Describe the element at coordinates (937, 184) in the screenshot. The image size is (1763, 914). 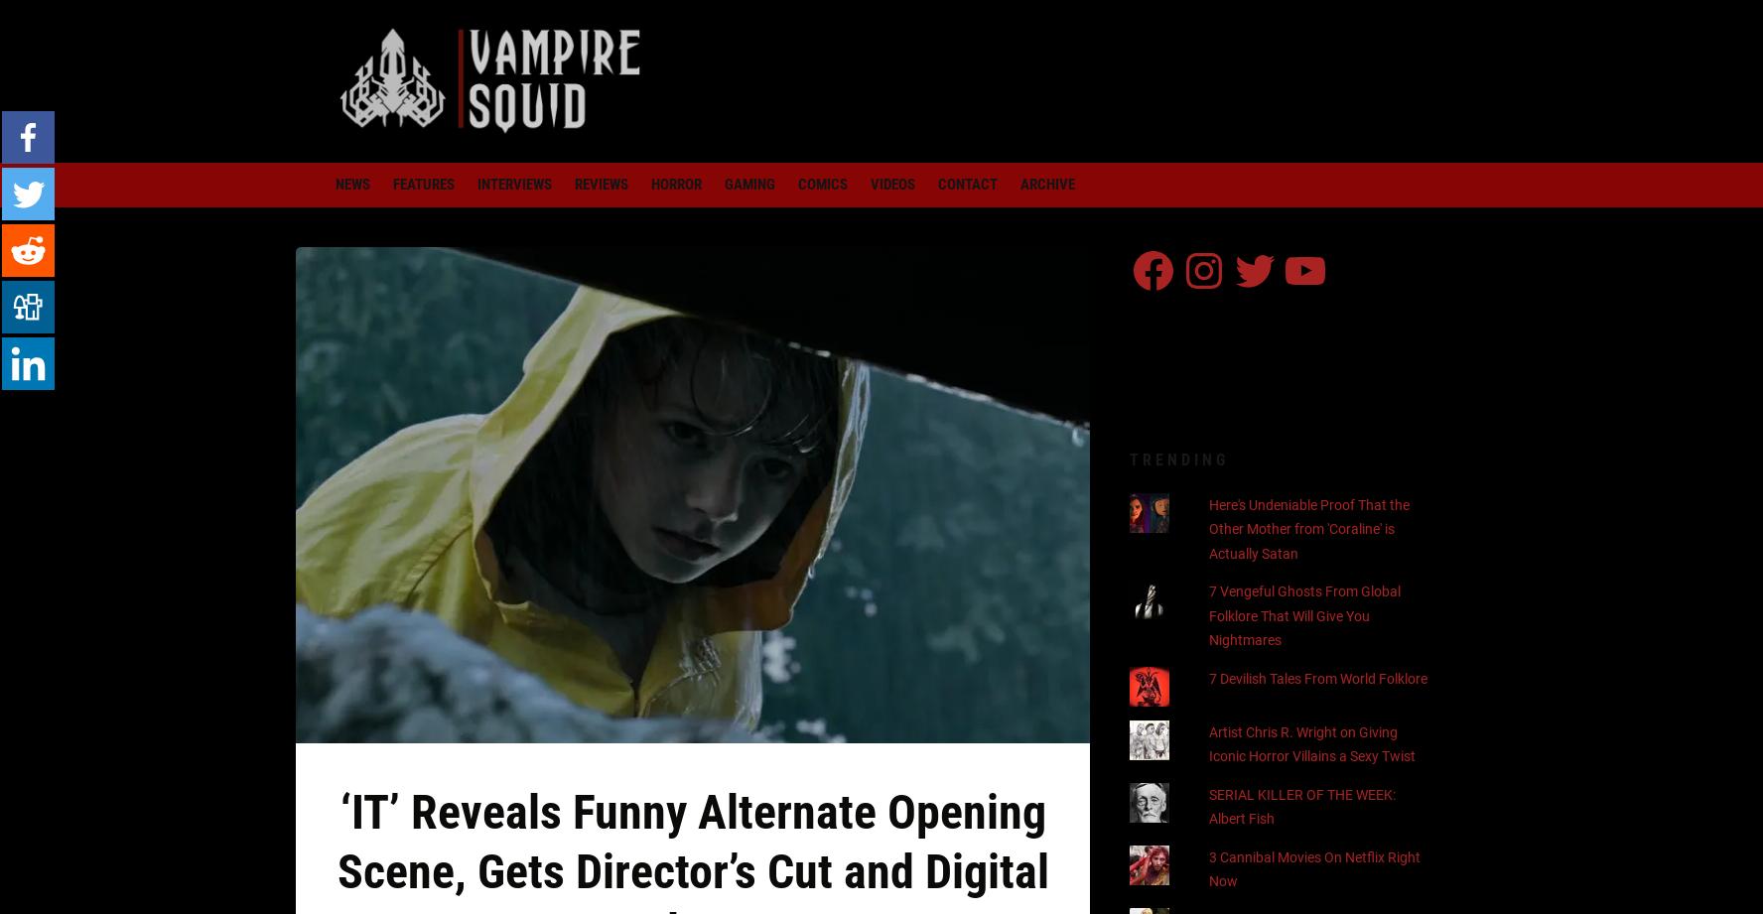
I see `'Contact'` at that location.